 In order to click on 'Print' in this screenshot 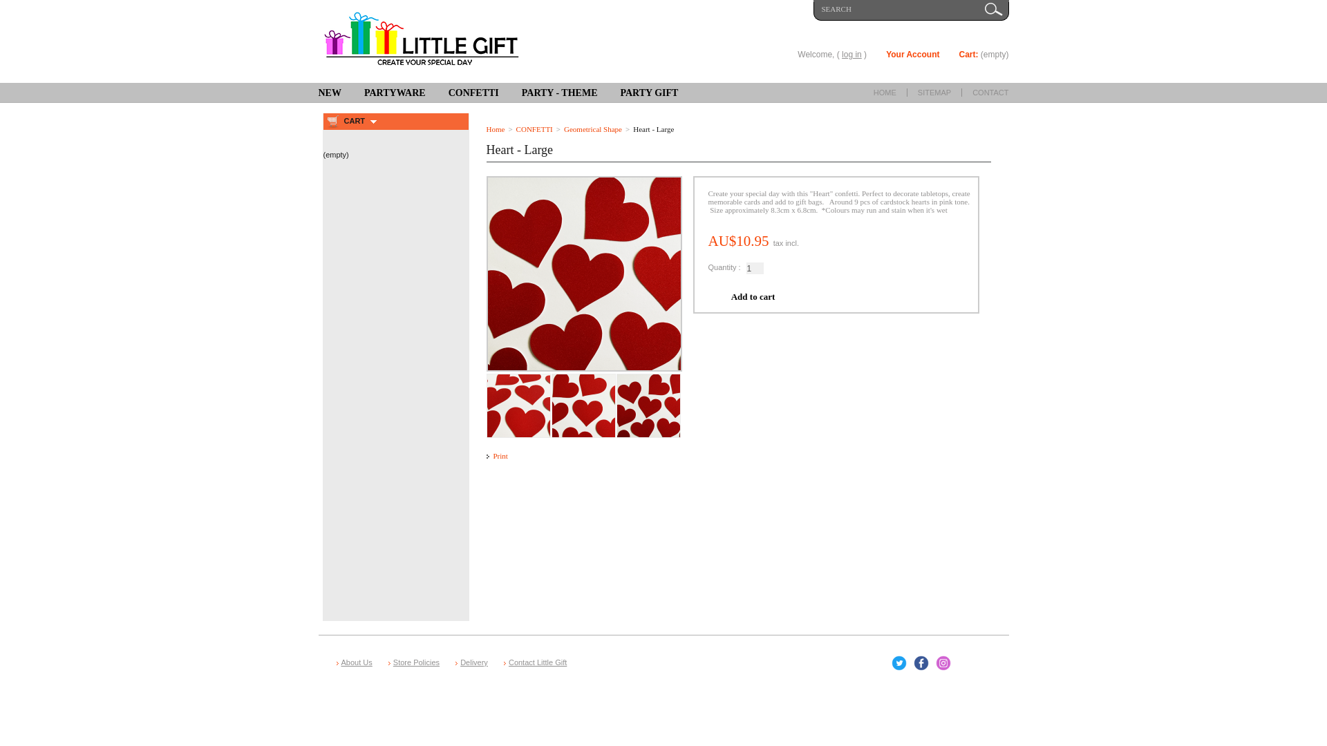, I will do `click(500, 455)`.